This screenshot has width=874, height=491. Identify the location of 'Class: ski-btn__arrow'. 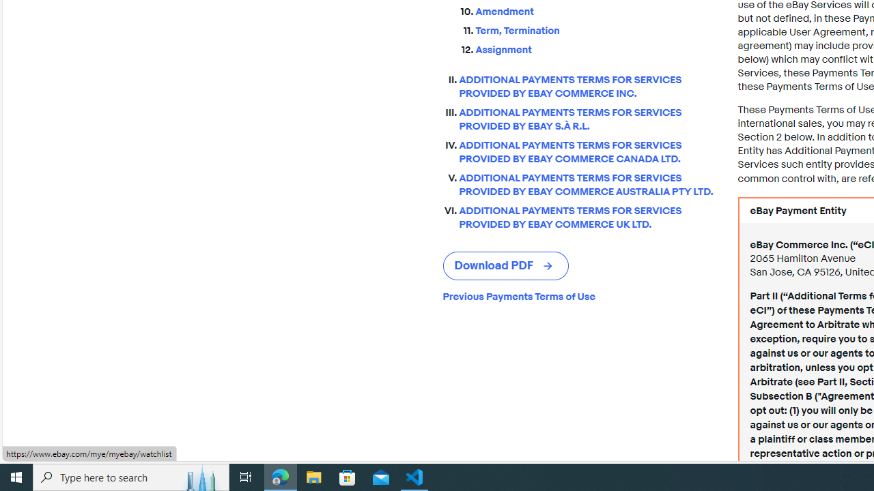
(549, 266).